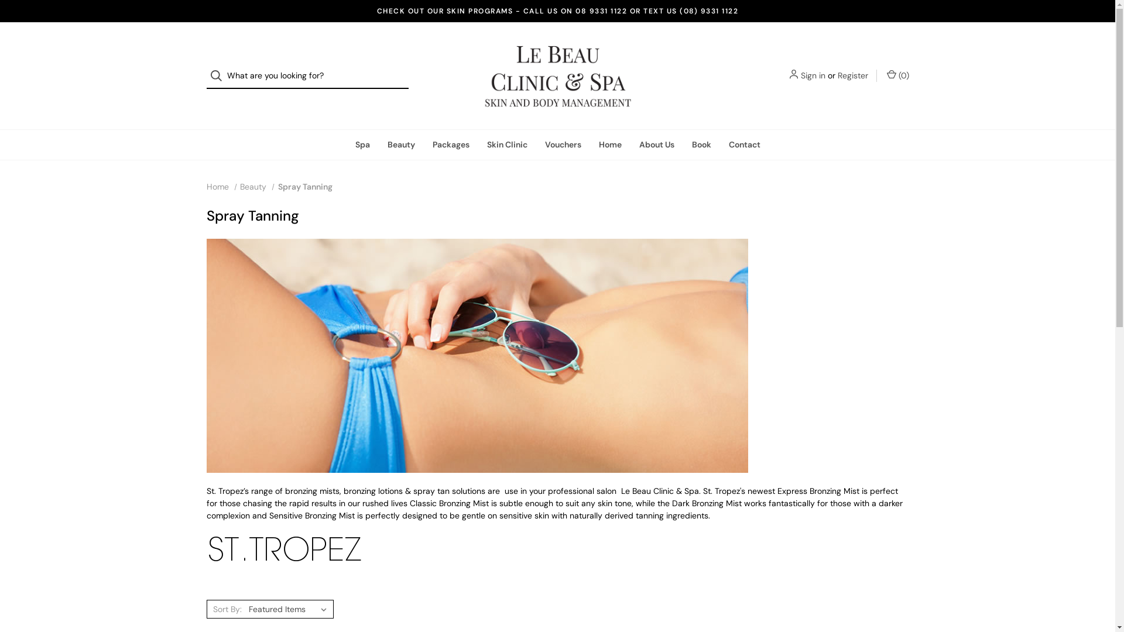 The height and width of the screenshot is (632, 1124). What do you see at coordinates (477, 355) in the screenshot?
I see `'Le Beau Spray Tanning Perth '` at bounding box center [477, 355].